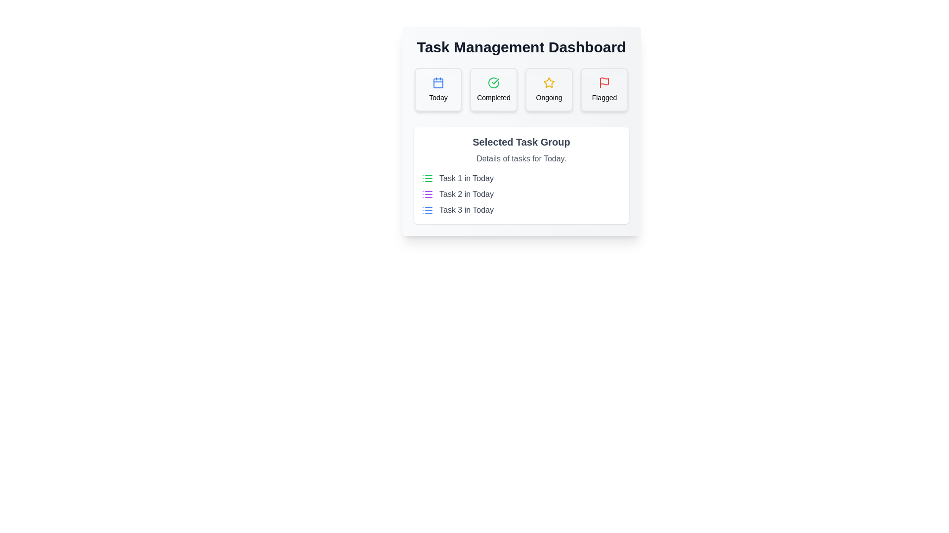  What do you see at coordinates (604, 82) in the screenshot?
I see `the 'Flagged' task group icon located at the top-center area of the 'Flagged' card beneath the 'Task Management Dashboard' header` at bounding box center [604, 82].